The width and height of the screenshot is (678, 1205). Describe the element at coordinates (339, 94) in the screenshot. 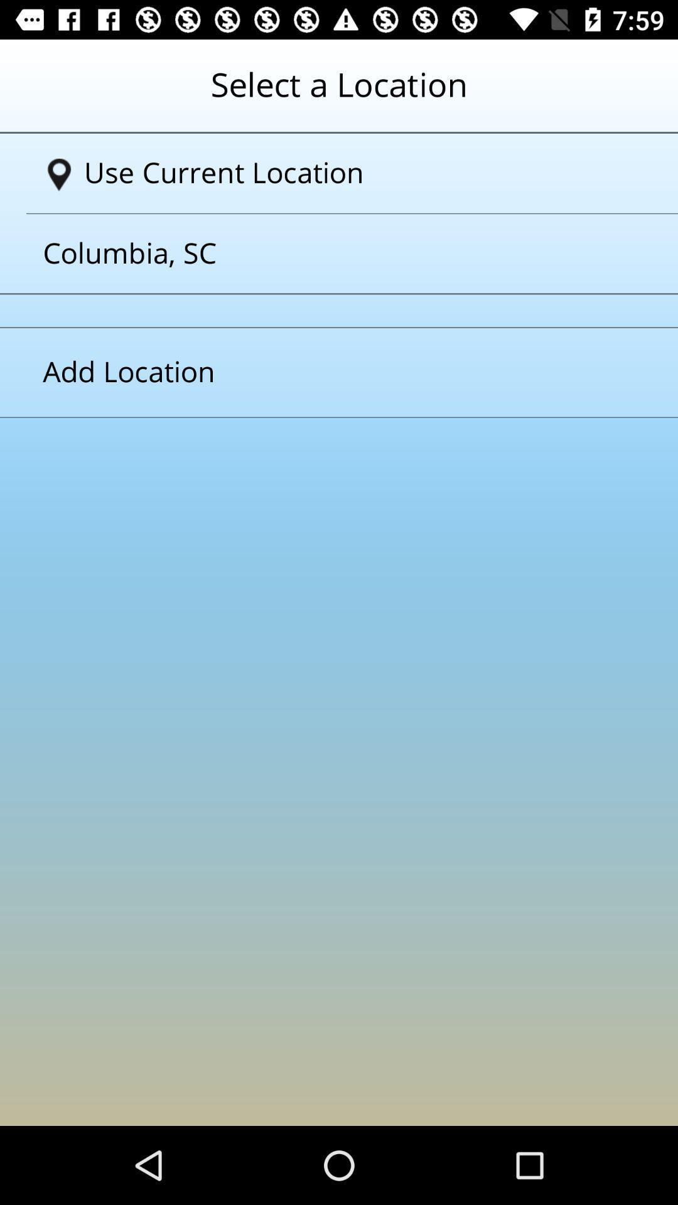

I see `the text which is on the top of the screen` at that location.